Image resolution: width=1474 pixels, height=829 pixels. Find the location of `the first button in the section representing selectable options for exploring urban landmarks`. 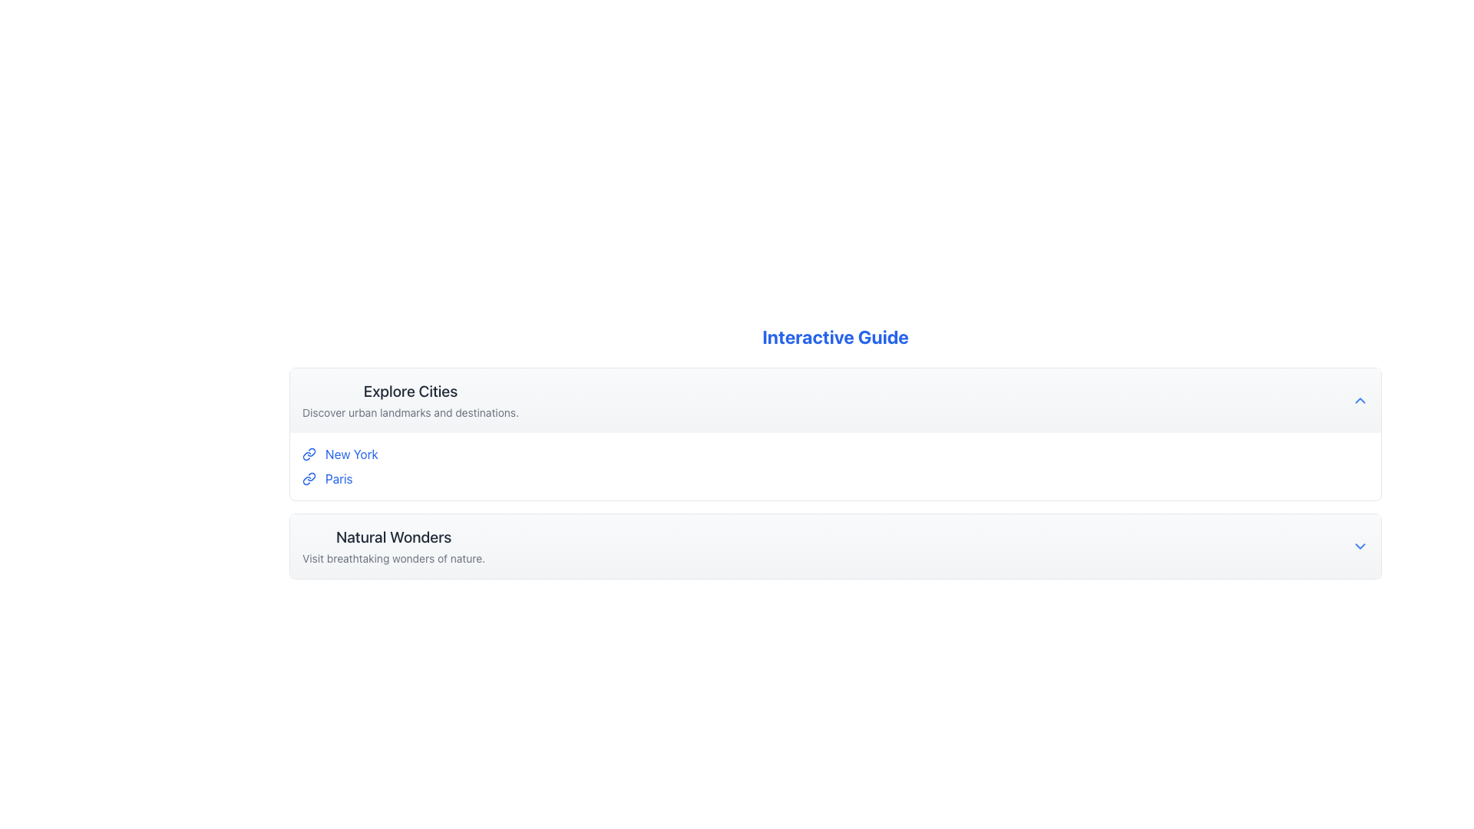

the first button in the section representing selectable options for exploring urban landmarks is located at coordinates (834, 399).